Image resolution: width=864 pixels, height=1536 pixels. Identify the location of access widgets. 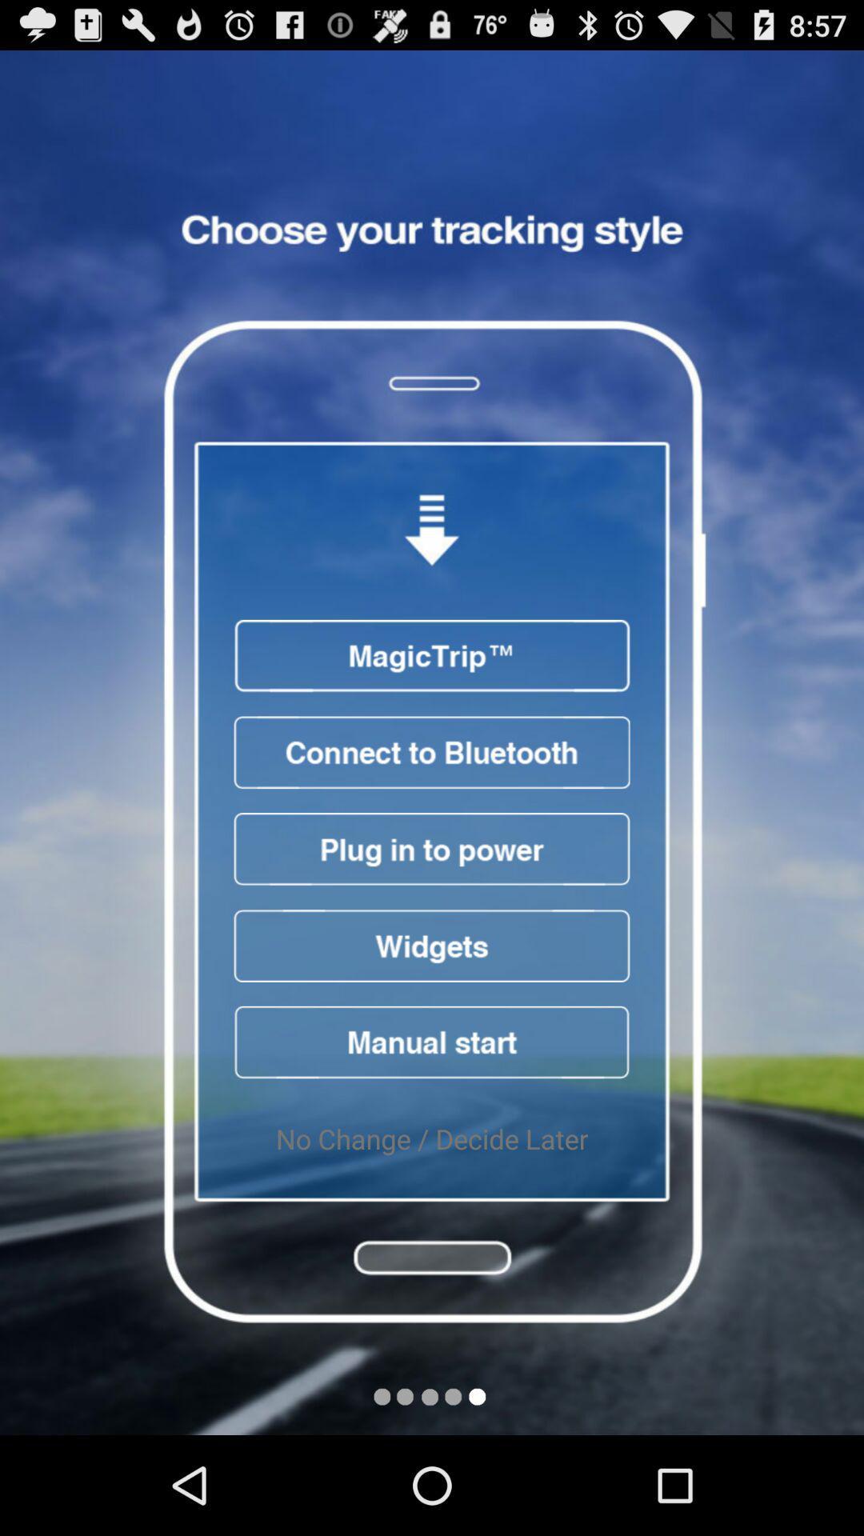
(432, 946).